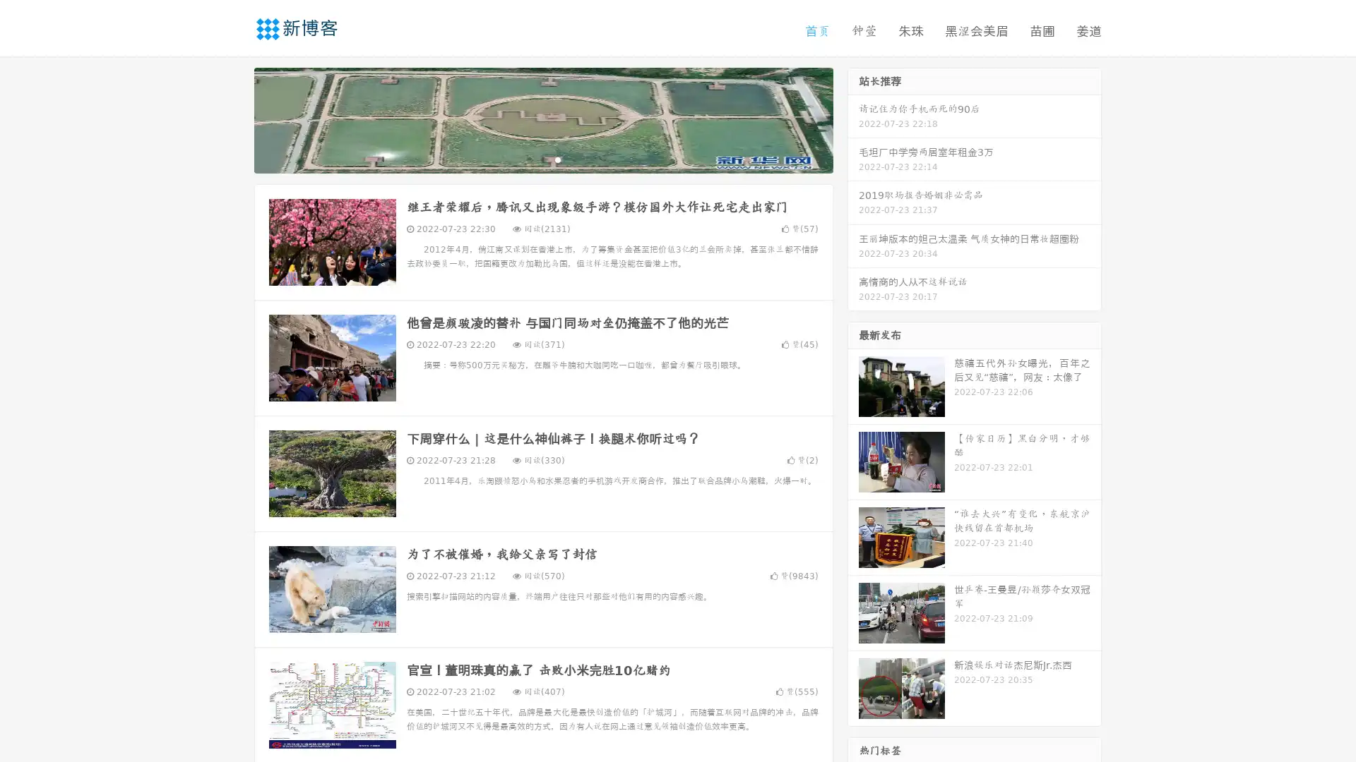 The image size is (1356, 762). Describe the element at coordinates (557, 159) in the screenshot. I see `Go to slide 3` at that location.